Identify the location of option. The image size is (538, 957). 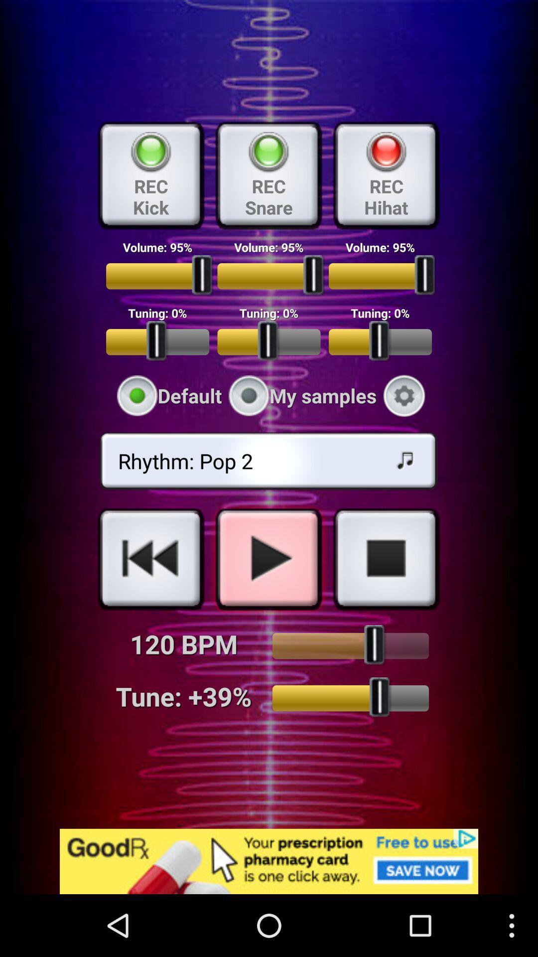
(268, 559).